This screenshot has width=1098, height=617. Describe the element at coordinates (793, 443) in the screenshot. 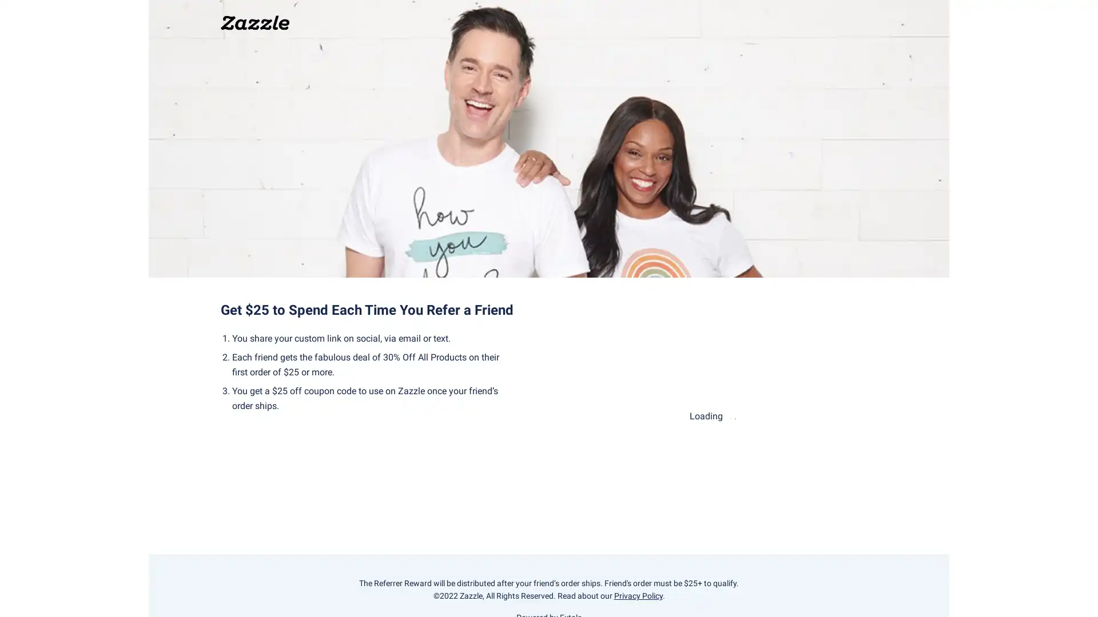

I see `pinterest` at that location.